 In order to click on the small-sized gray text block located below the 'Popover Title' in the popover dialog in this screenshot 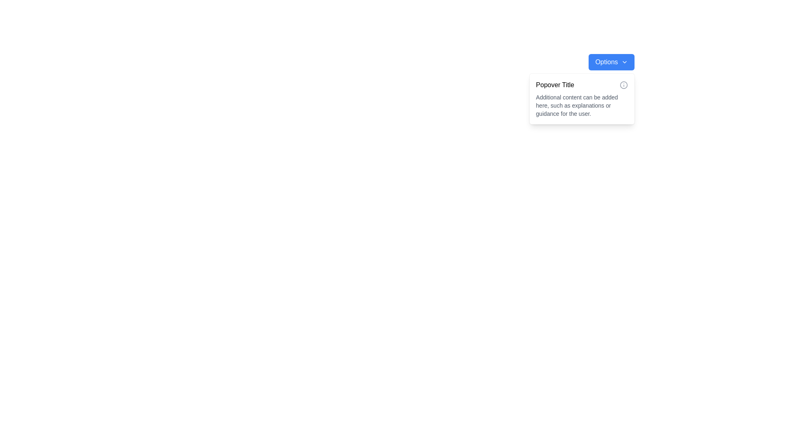, I will do `click(581, 105)`.